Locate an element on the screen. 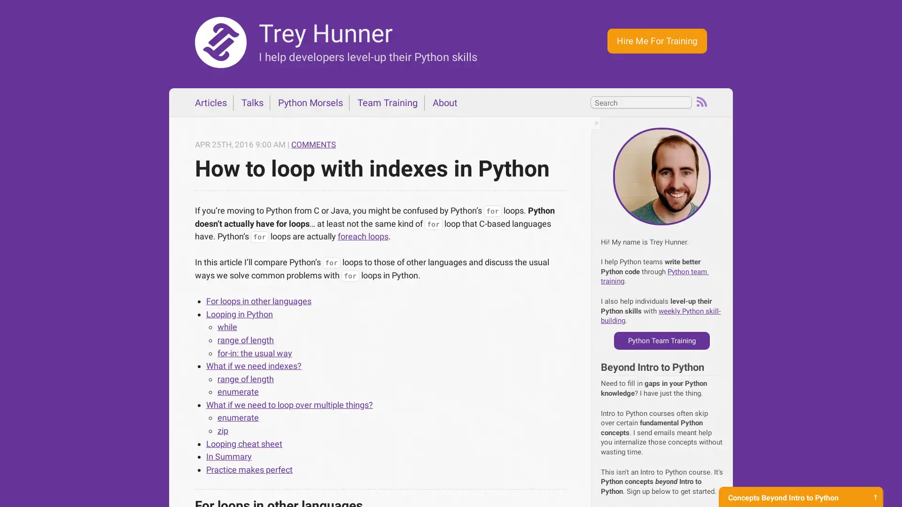 The height and width of the screenshot is (507, 902). Sign up for Python Concepts is located at coordinates (800, 488).